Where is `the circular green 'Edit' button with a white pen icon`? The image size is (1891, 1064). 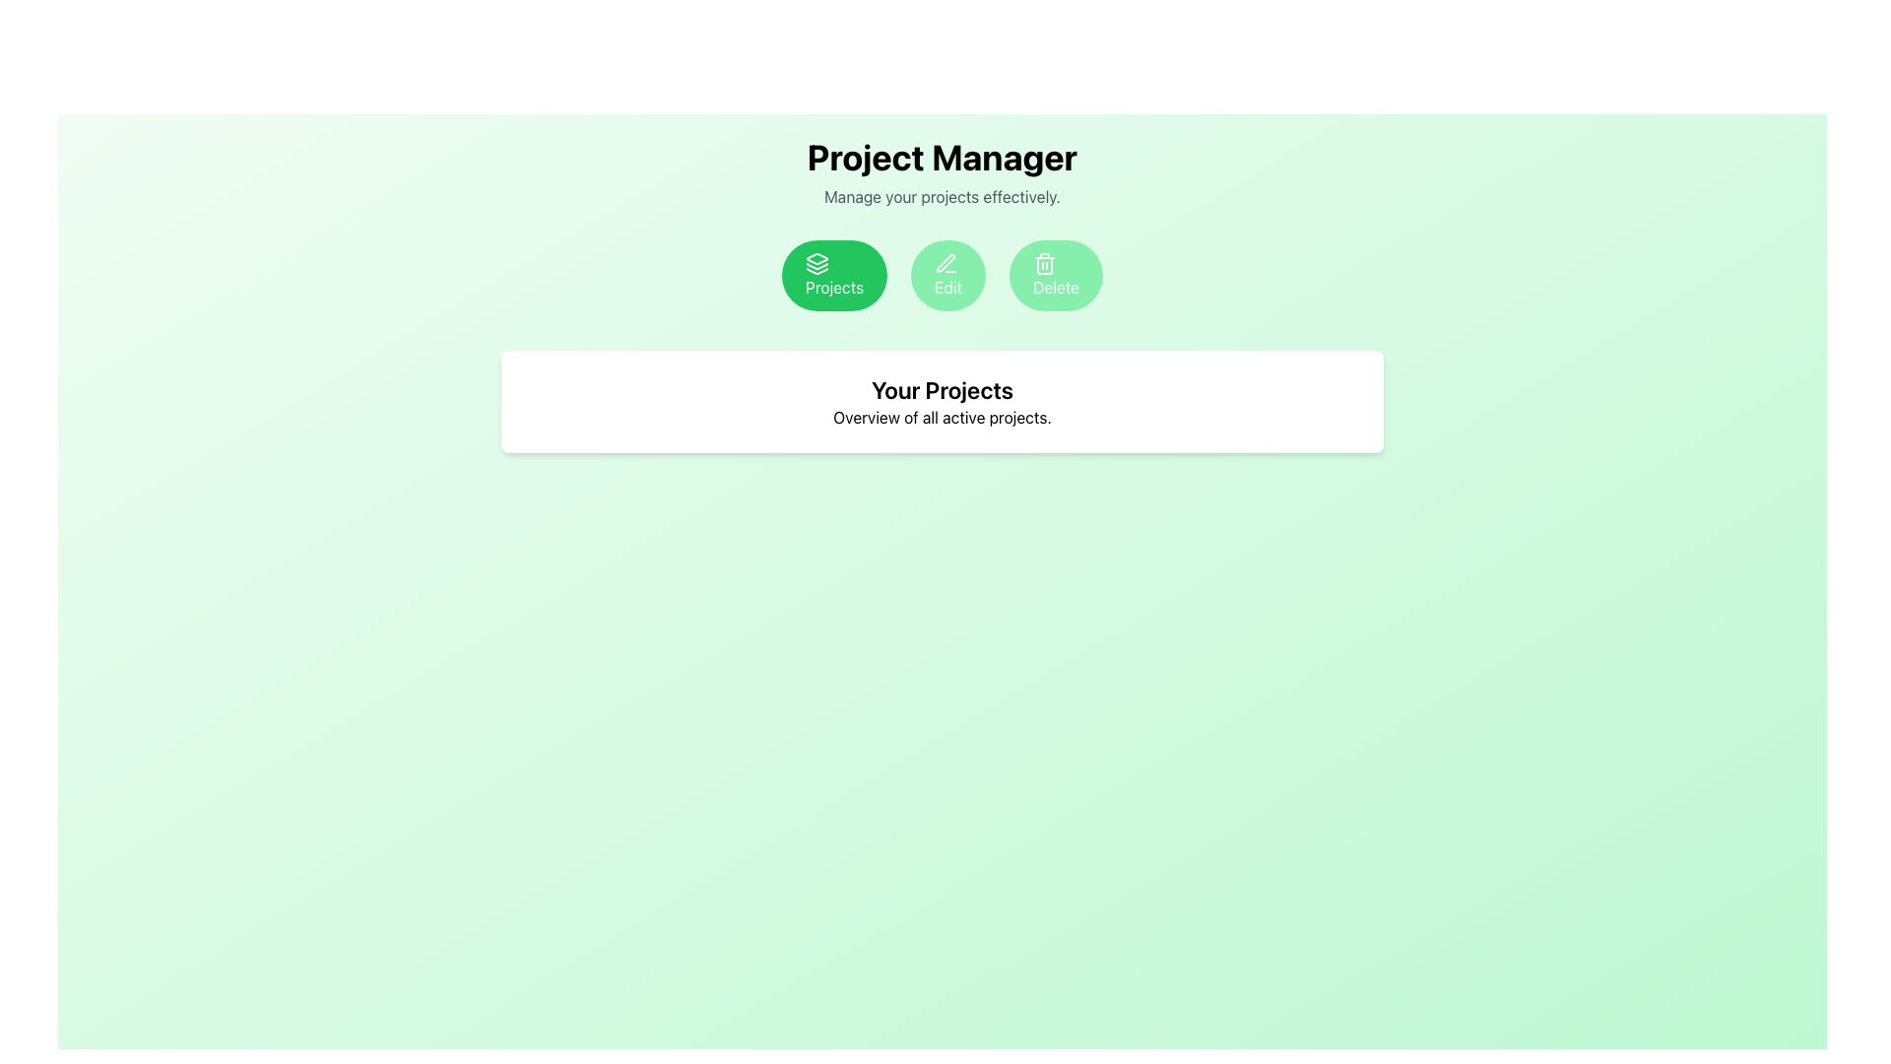
the circular green 'Edit' button with a white pen icon is located at coordinates (948, 276).